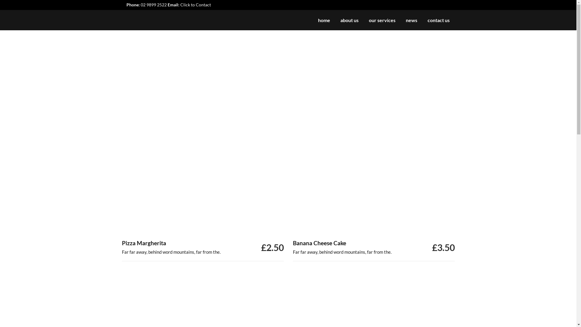 The image size is (581, 327). Describe the element at coordinates (195, 5) in the screenshot. I see `'Click to Contact'` at that location.